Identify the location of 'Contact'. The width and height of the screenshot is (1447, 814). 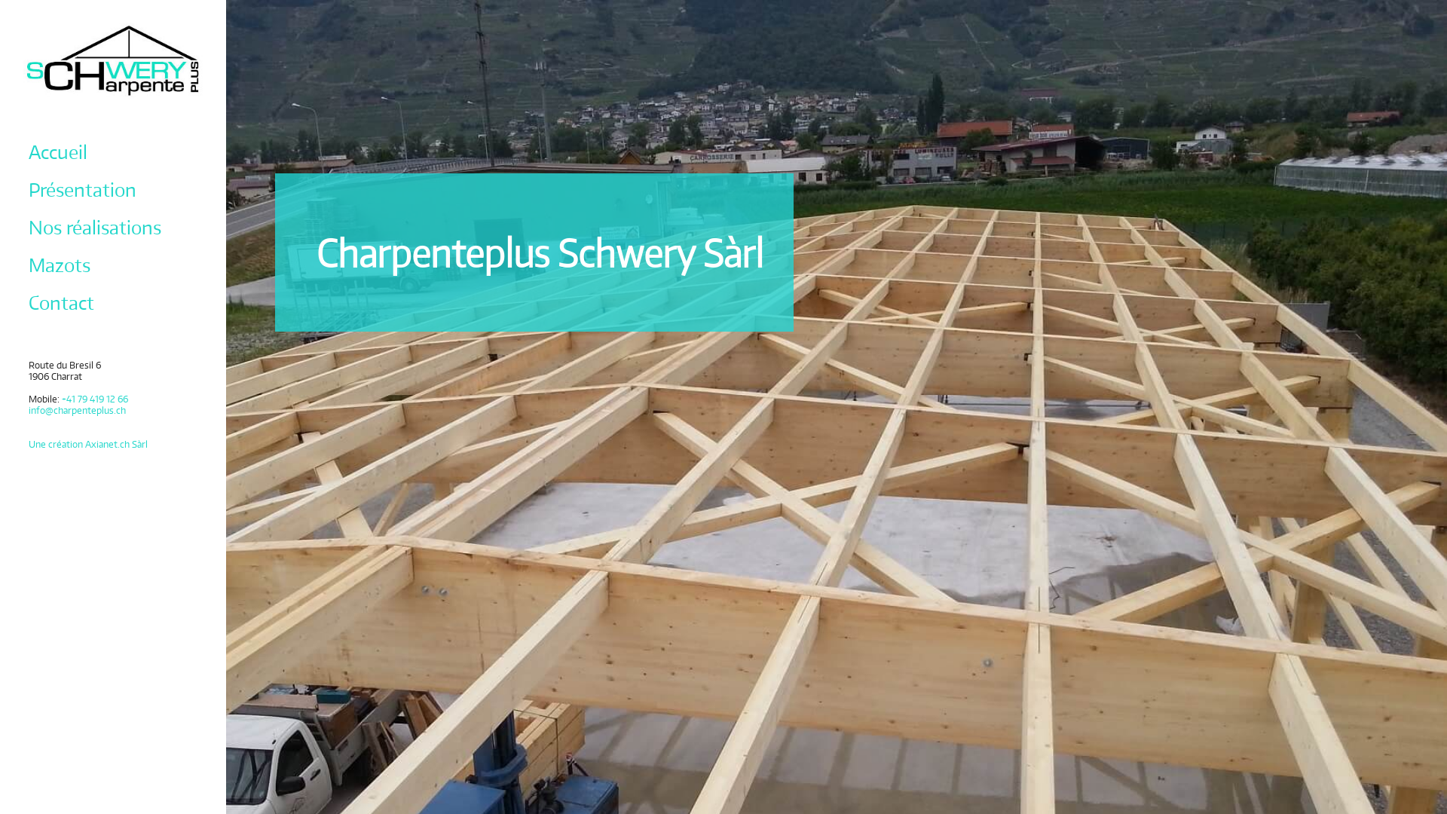
(60, 302).